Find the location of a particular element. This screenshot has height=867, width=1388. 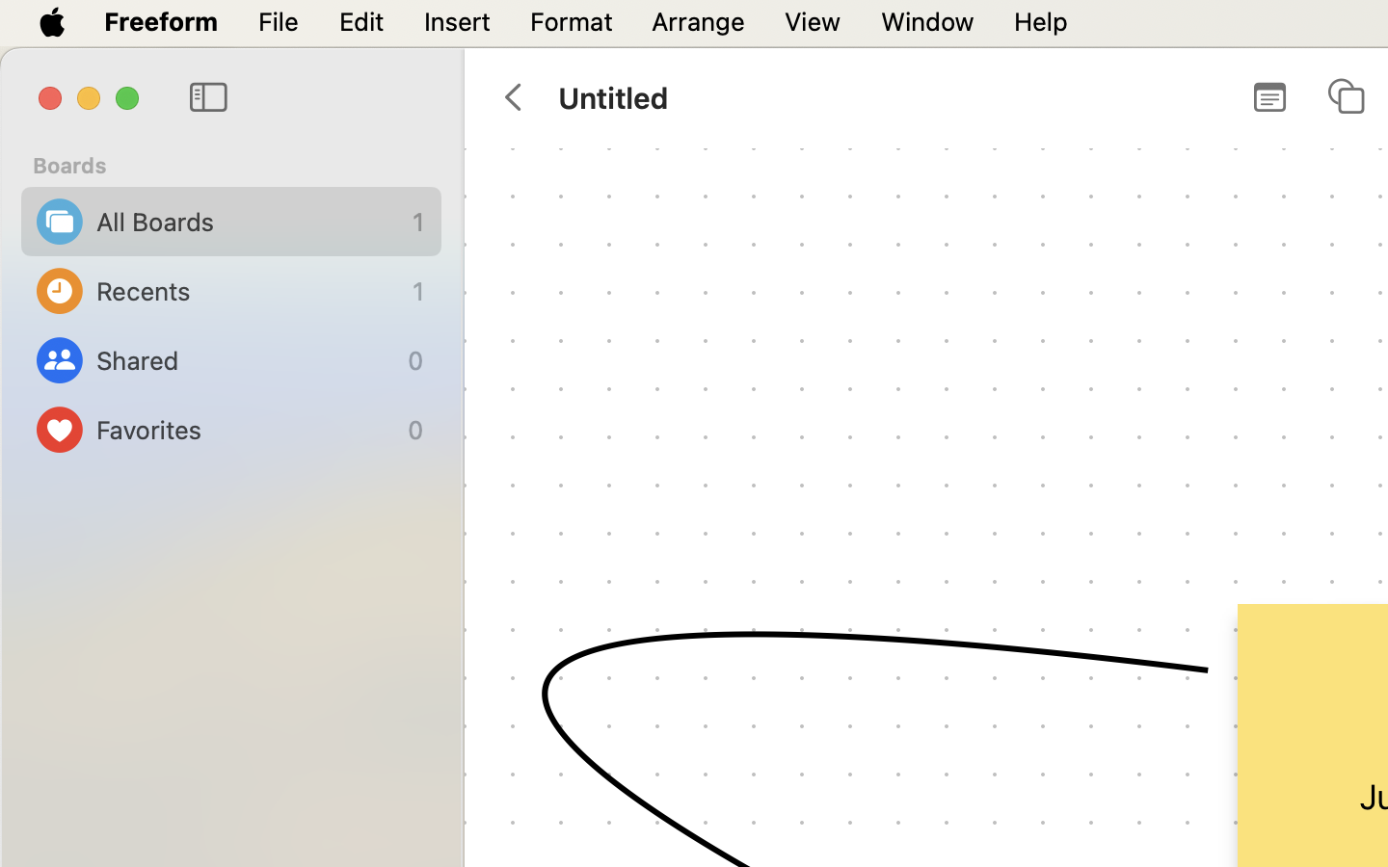

'Untitled' is located at coordinates (611, 95).